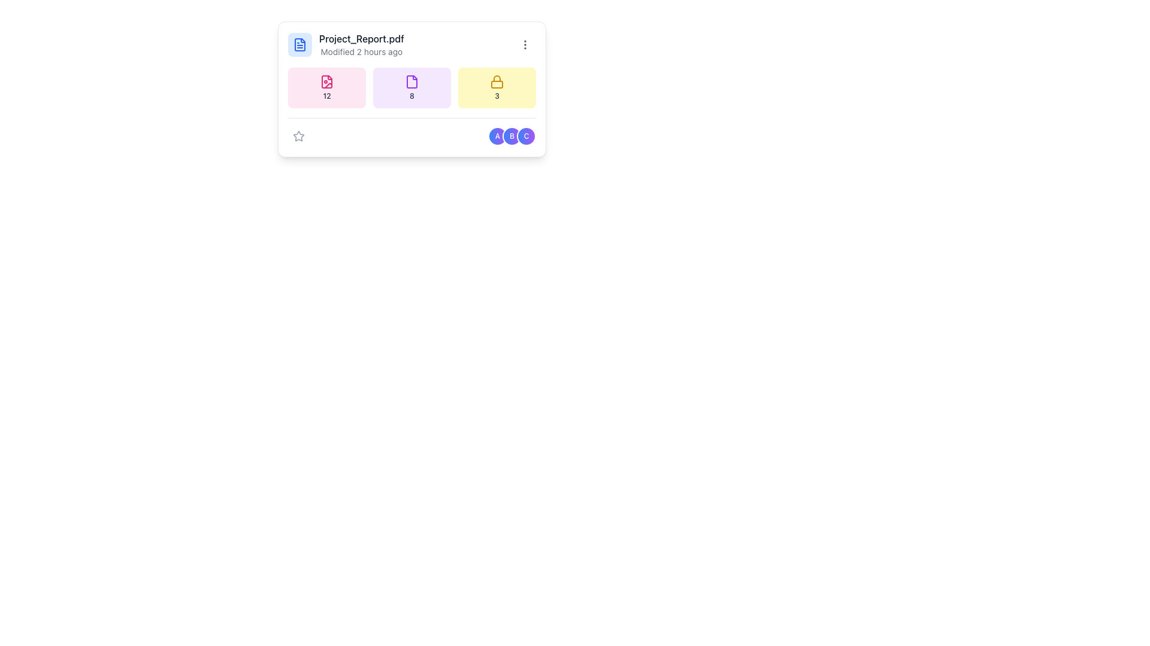 The image size is (1150, 646). I want to click on the Star icon button located at the bottom-left corner of the document details card to change its appearance, so click(299, 135).